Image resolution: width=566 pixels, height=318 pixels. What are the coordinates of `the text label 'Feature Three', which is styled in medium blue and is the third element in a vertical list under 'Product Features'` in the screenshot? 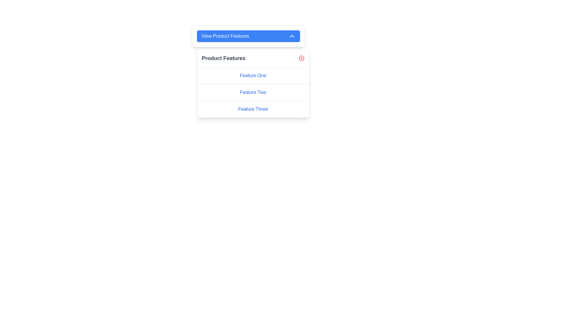 It's located at (253, 109).